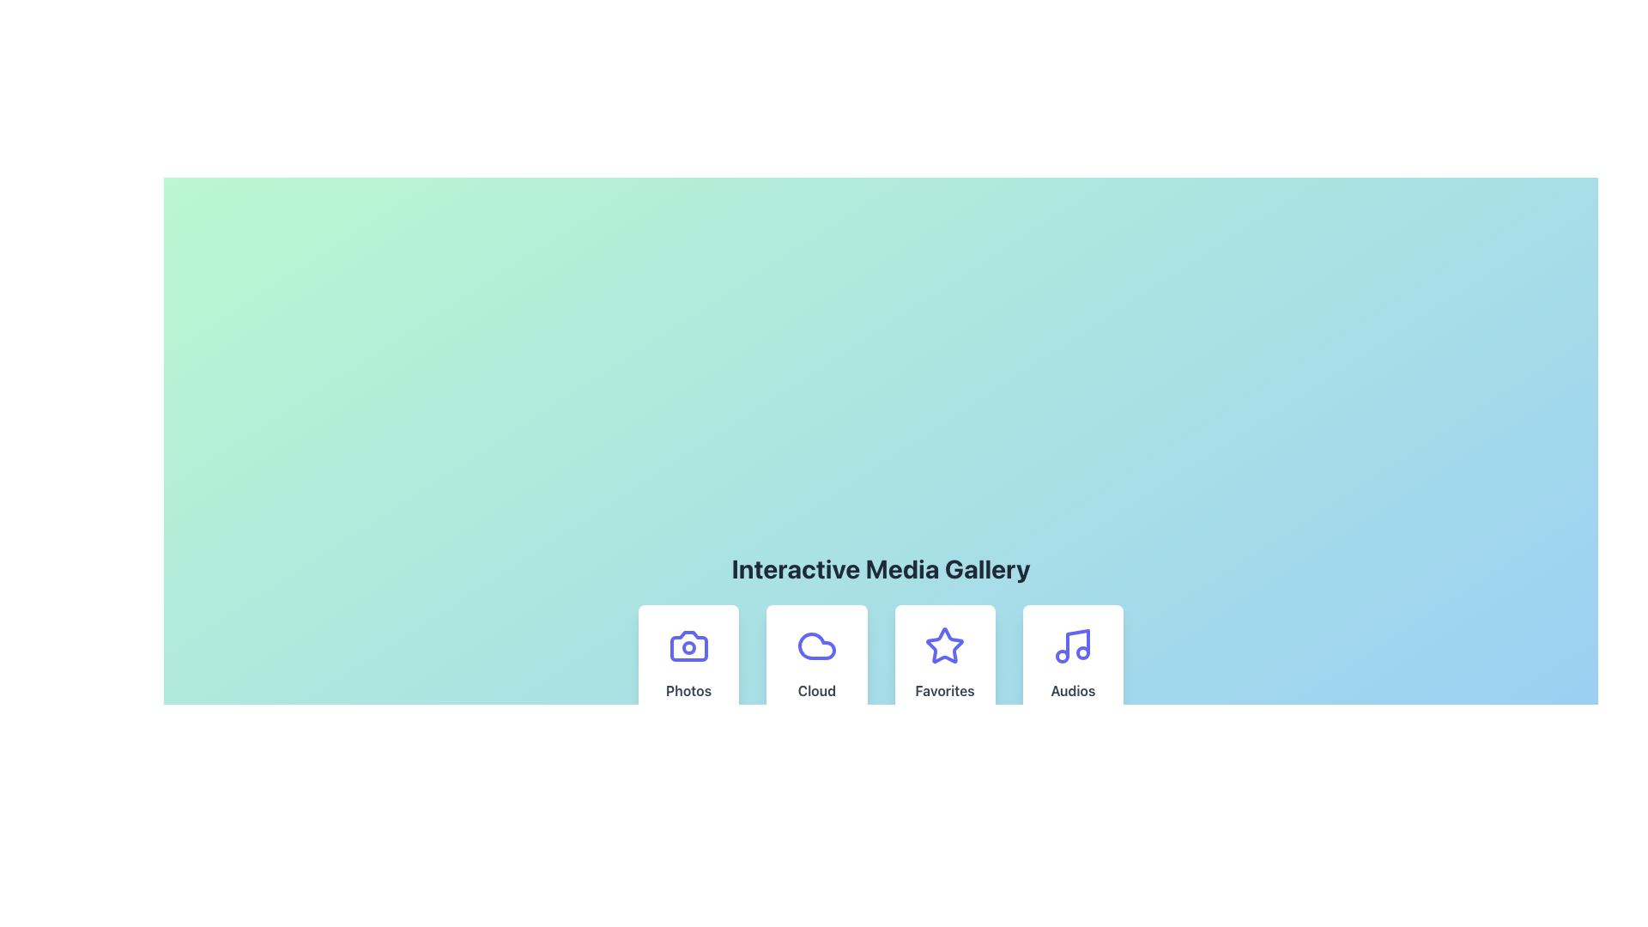  What do you see at coordinates (1062, 656) in the screenshot?
I see `the small blue outlined circle within the musical note icon in the Audios card, which is the second of three circles in the SVG group` at bounding box center [1062, 656].